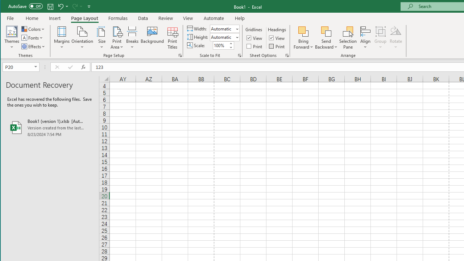  I want to click on 'Width', so click(224, 28).